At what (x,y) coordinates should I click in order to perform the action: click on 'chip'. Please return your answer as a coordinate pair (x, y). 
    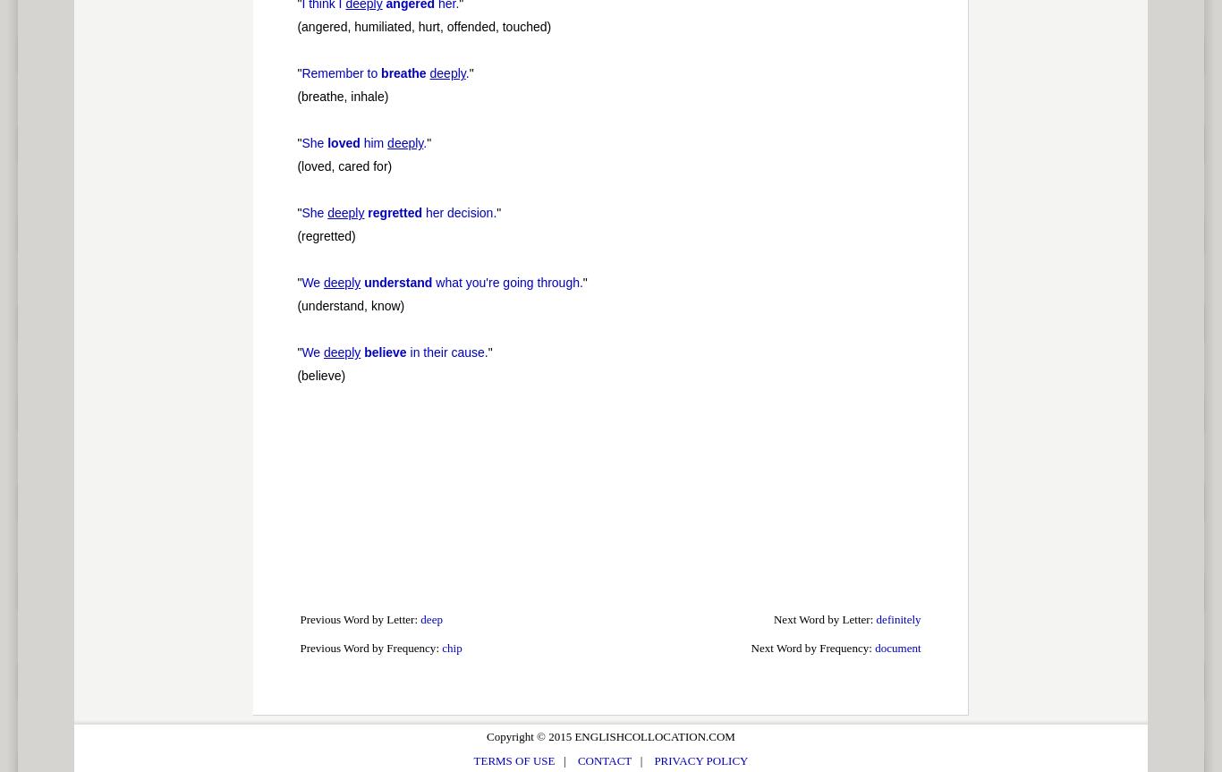
    Looking at the image, I should click on (441, 648).